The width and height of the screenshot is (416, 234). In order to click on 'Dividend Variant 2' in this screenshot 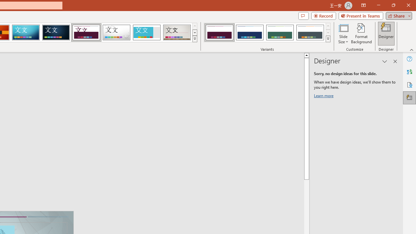, I will do `click(249, 32)`.